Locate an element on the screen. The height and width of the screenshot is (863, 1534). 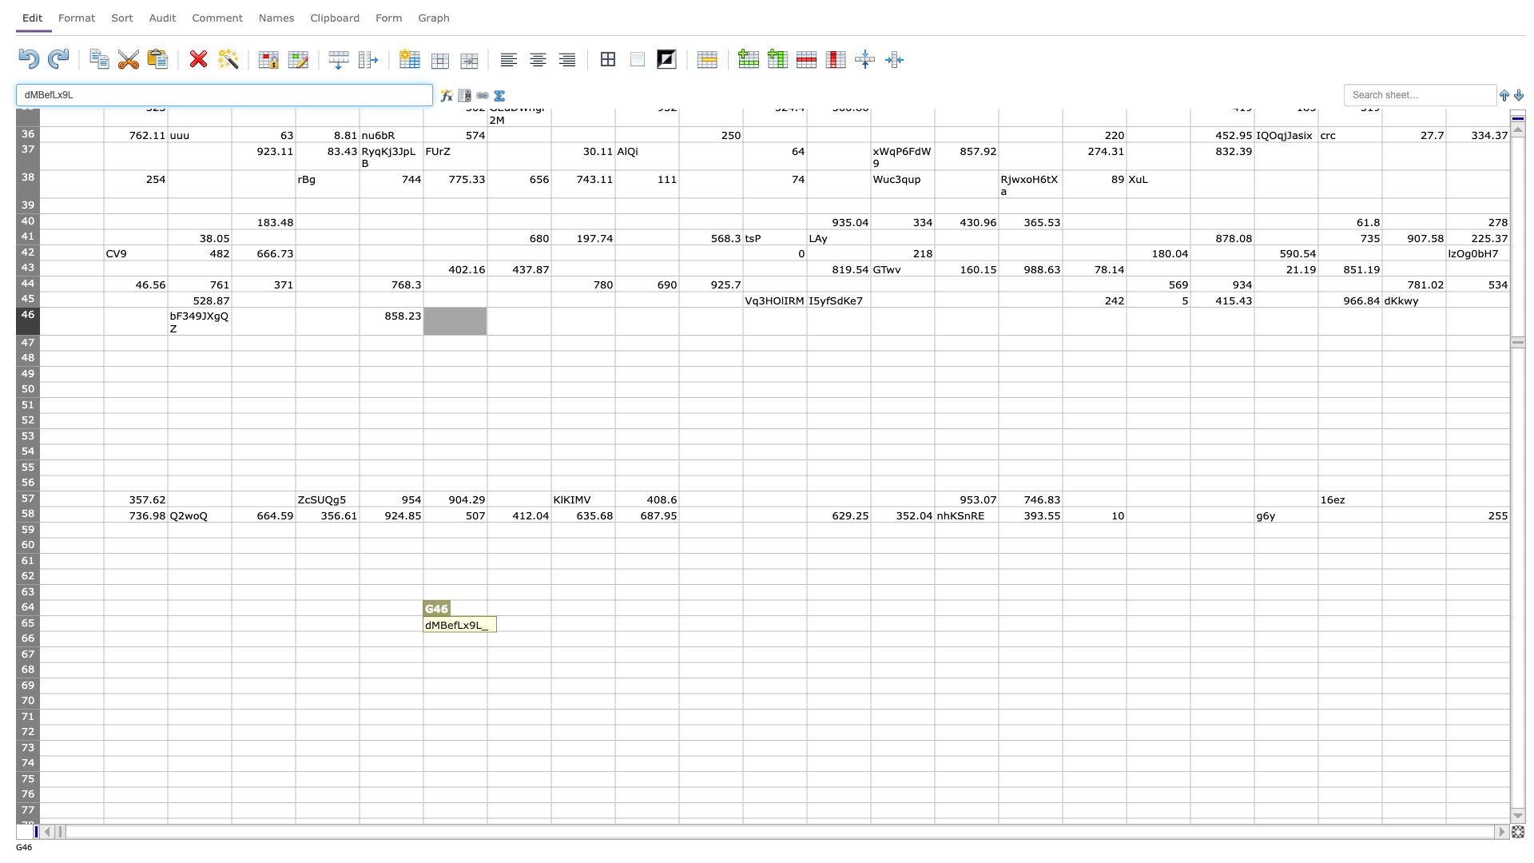
fill handle point of K66 is located at coordinates (742, 646).